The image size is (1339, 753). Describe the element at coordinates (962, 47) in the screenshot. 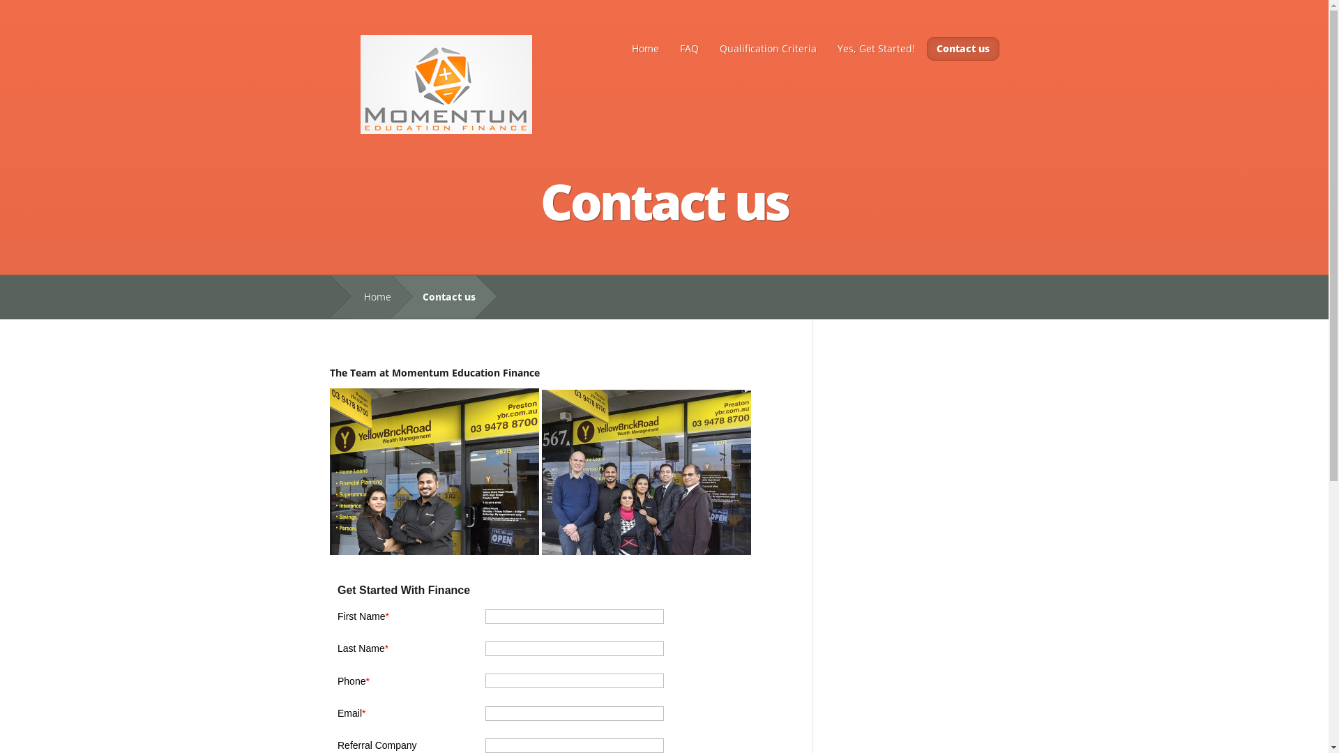

I see `'Contact us'` at that location.